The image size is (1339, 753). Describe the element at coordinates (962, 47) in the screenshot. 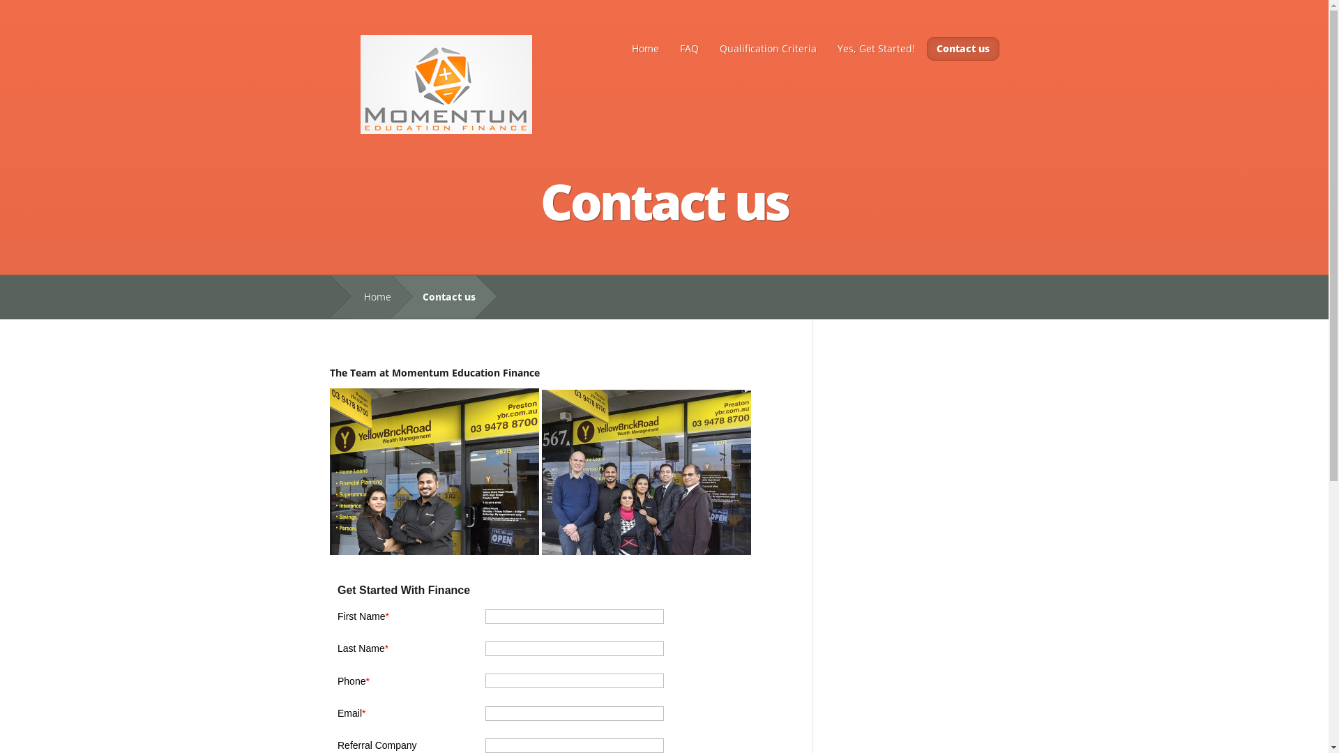

I see `'Contact us'` at that location.